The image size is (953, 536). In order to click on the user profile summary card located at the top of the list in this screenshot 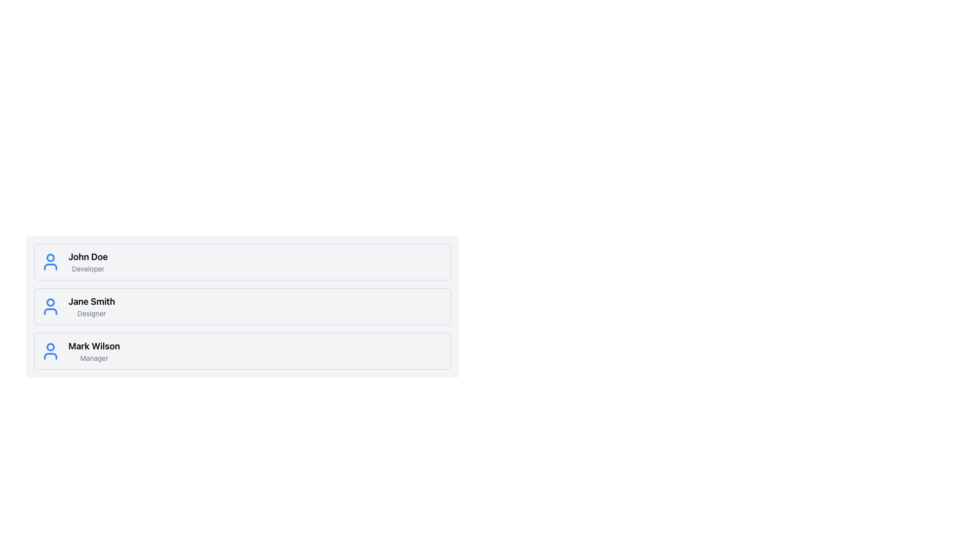, I will do `click(243, 262)`.